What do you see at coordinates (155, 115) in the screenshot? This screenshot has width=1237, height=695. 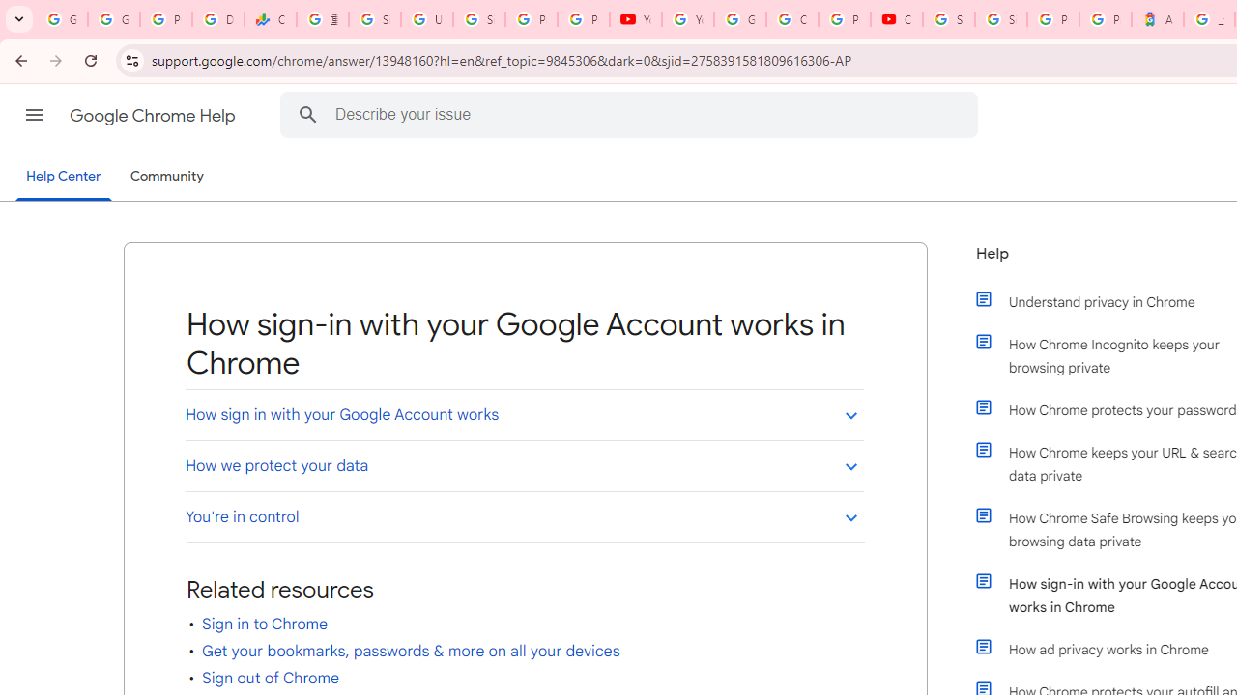 I see `'Google Chrome Help'` at bounding box center [155, 115].